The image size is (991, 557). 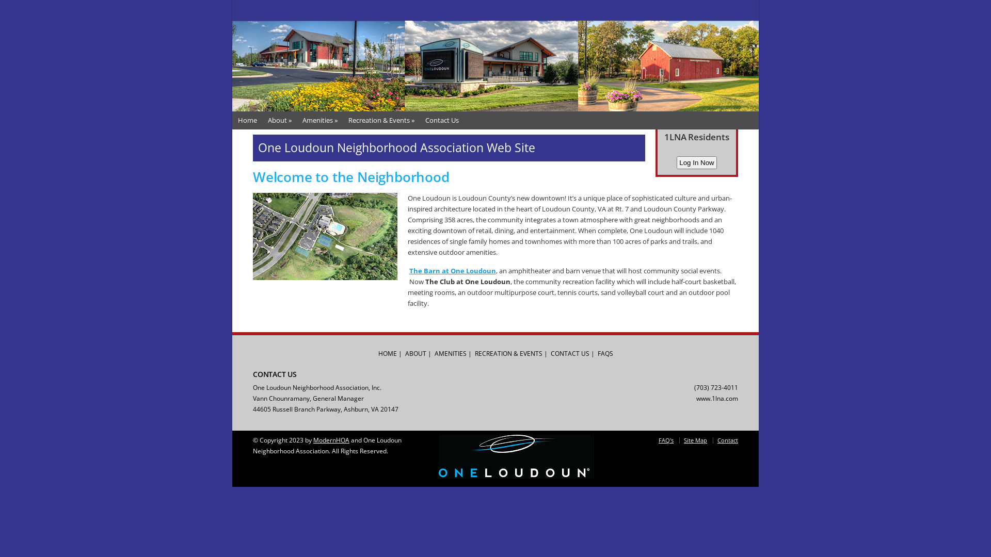 I want to click on 'Home', so click(x=248, y=120).